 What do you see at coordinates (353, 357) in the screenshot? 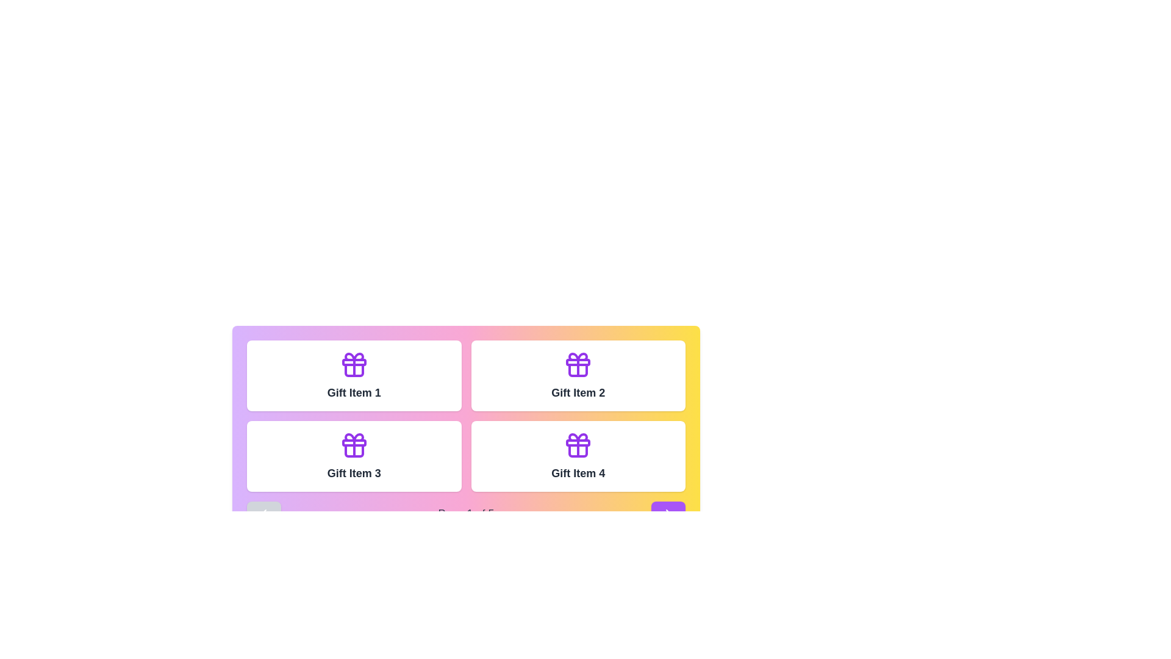
I see `the decorative vector graphic of the gift box ribbon bow located at the top-center of the gift icon labeled 'Gift Item 1'` at bounding box center [353, 357].